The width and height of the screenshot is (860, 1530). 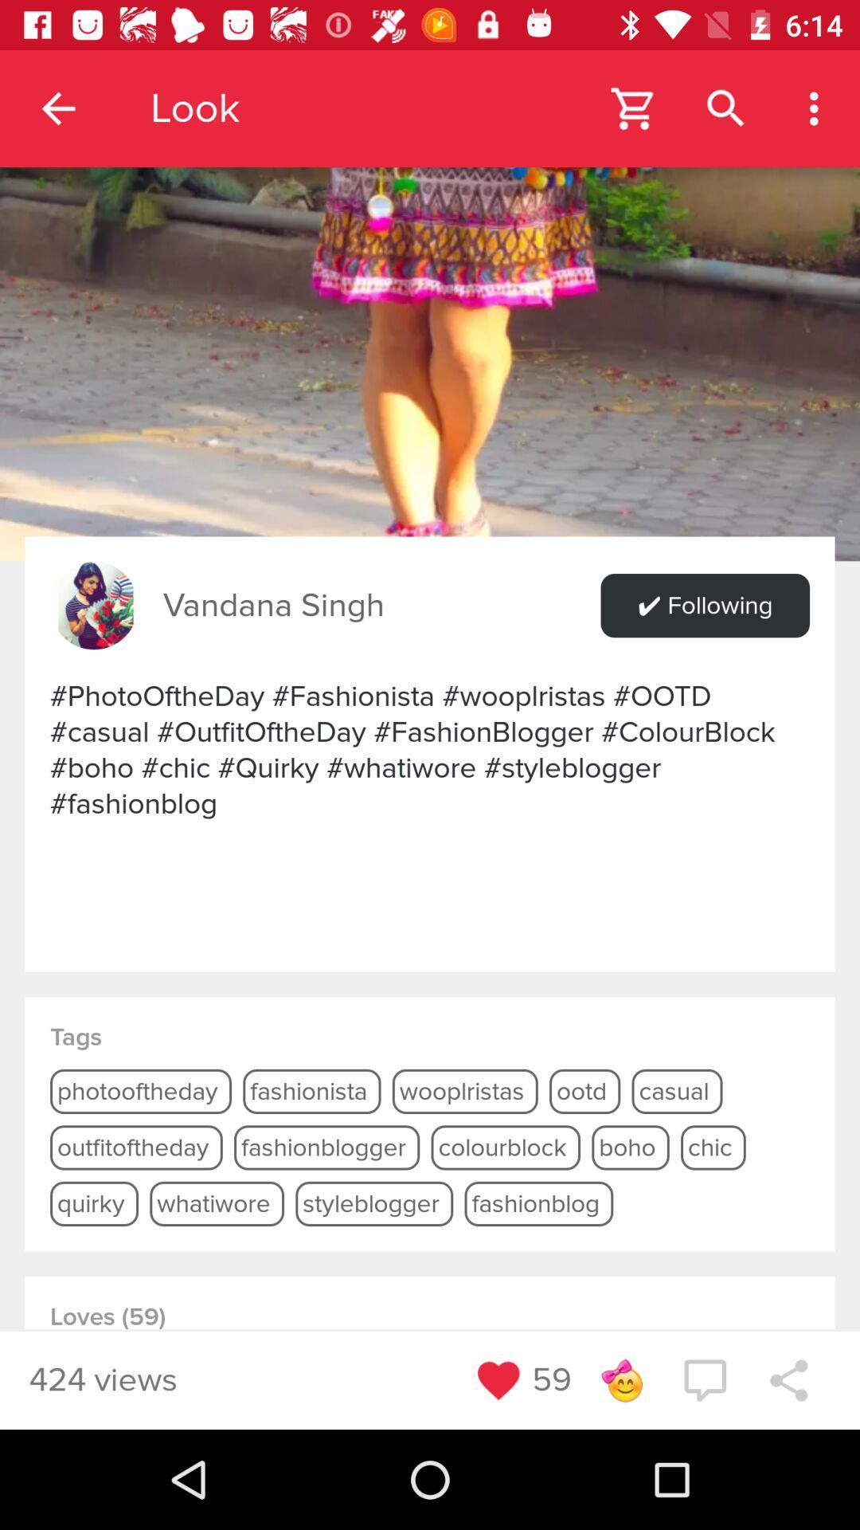 What do you see at coordinates (788, 1379) in the screenshot?
I see `share the post` at bounding box center [788, 1379].